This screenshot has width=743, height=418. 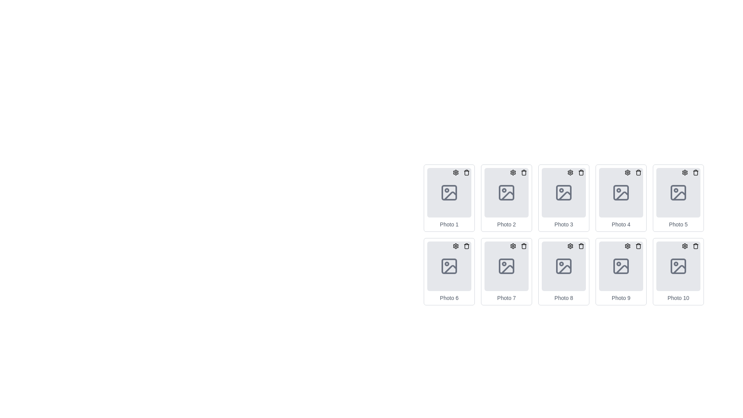 I want to click on the trash can icon located in the top-right corner of the seventh image item, so click(x=524, y=246).